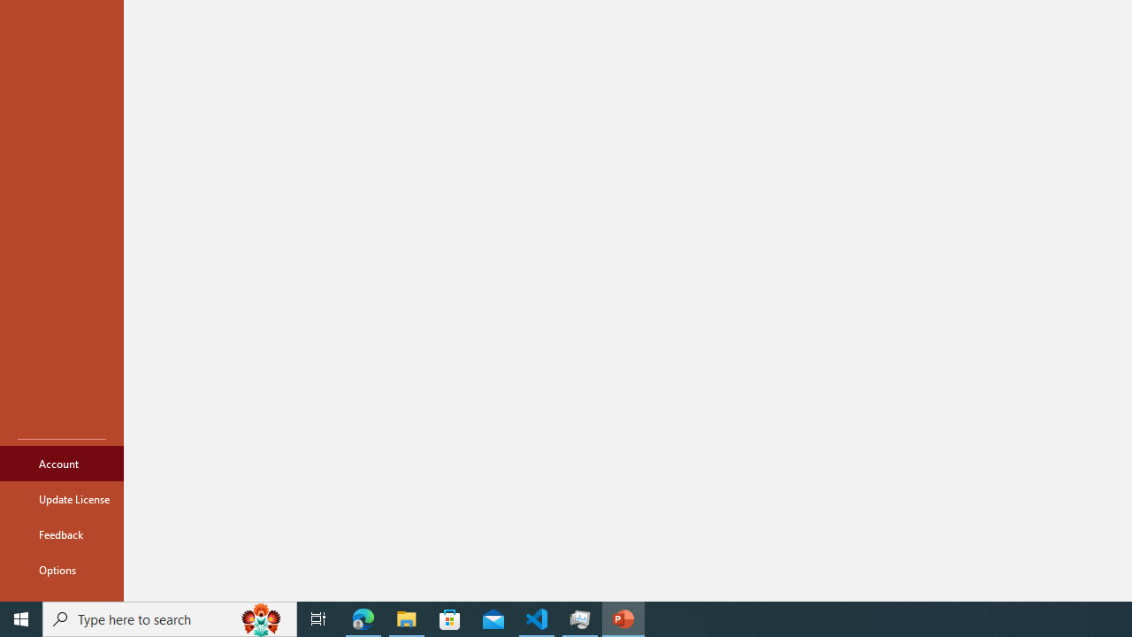 The width and height of the screenshot is (1132, 637). Describe the element at coordinates (450, 618) in the screenshot. I see `'Microsoft Store'` at that location.